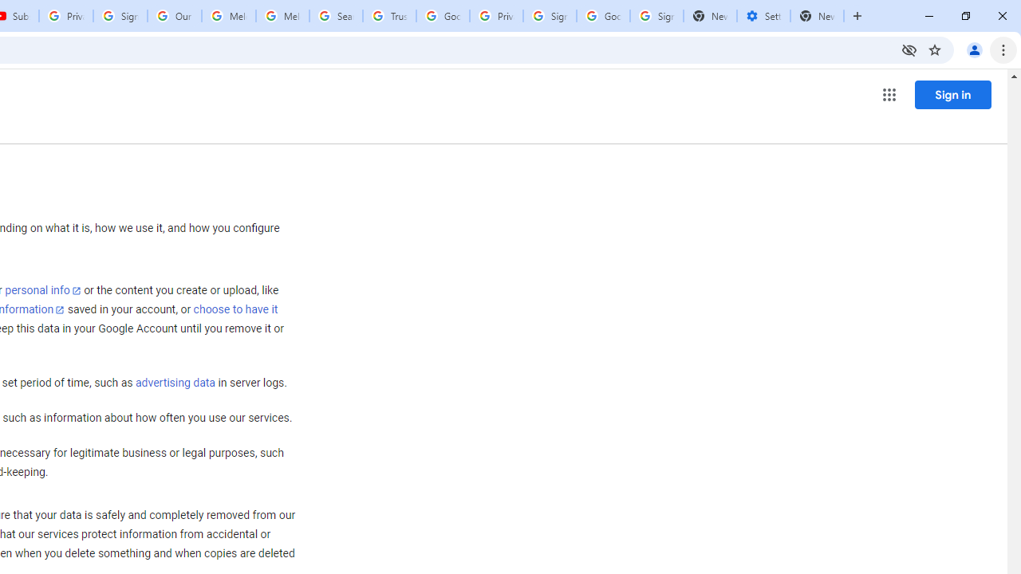 This screenshot has height=574, width=1021. Describe the element at coordinates (817, 16) in the screenshot. I see `'New Tab'` at that location.